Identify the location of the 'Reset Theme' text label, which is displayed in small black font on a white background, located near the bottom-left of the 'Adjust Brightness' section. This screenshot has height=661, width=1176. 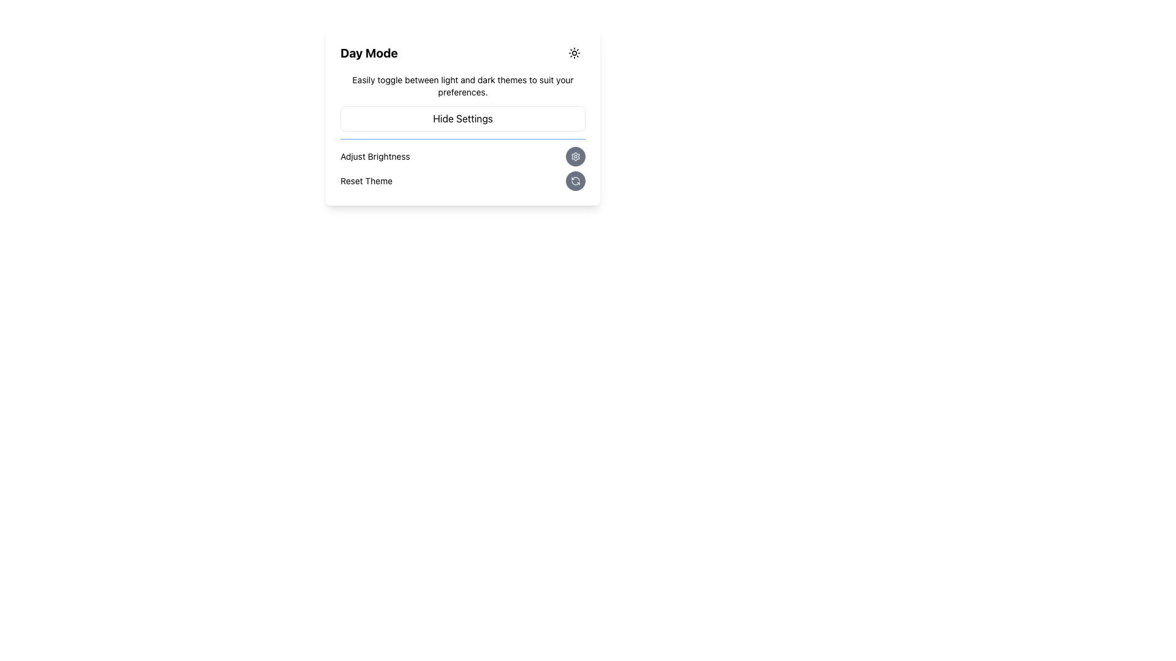
(366, 181).